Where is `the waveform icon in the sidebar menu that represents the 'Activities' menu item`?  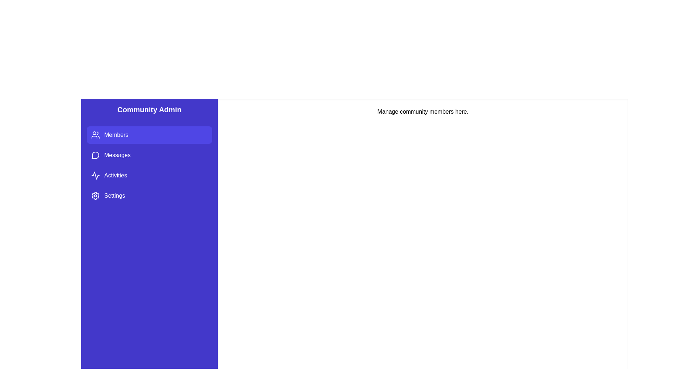
the waveform icon in the sidebar menu that represents the 'Activities' menu item is located at coordinates (95, 176).